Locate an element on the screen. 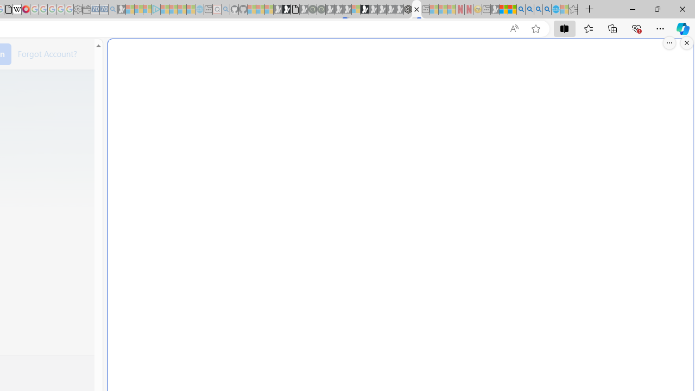 Image resolution: width=695 pixels, height=391 pixels. 'Nordace - Cooler Bags' is located at coordinates (407, 9).